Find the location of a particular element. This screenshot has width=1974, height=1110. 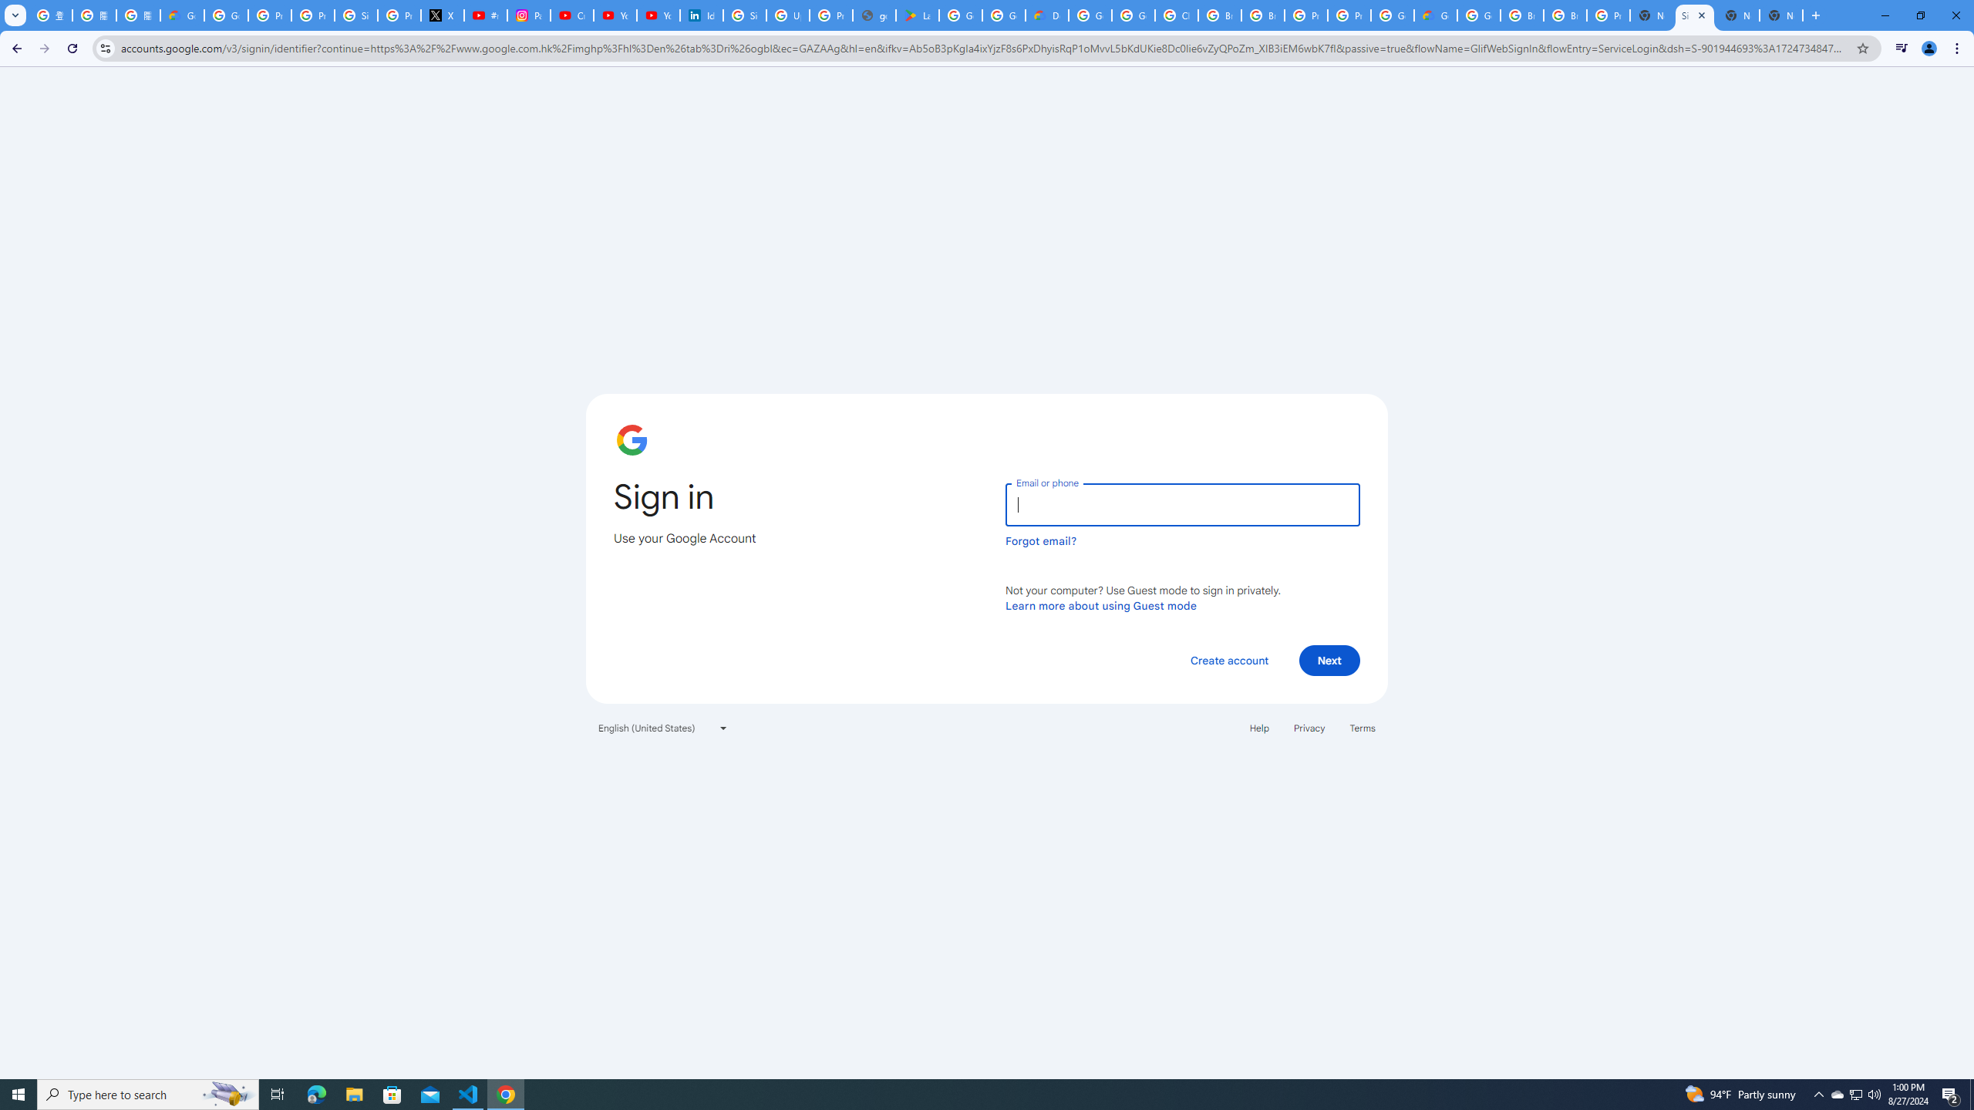

'Control your music, videos, and more' is located at coordinates (1902, 48).